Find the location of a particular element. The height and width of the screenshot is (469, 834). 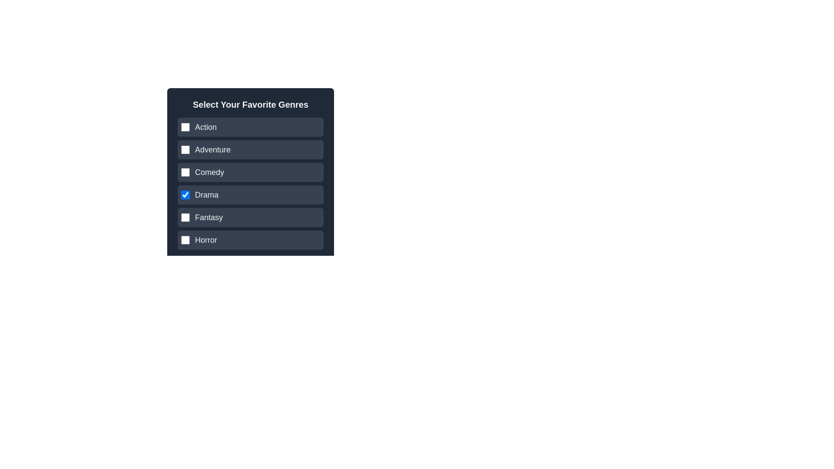

the Text label for the genre option that is located second in a vertical list, immediately below 'Action' and above 'Comedy', which serves as an identifier for a genre checkbox is located at coordinates (212, 149).